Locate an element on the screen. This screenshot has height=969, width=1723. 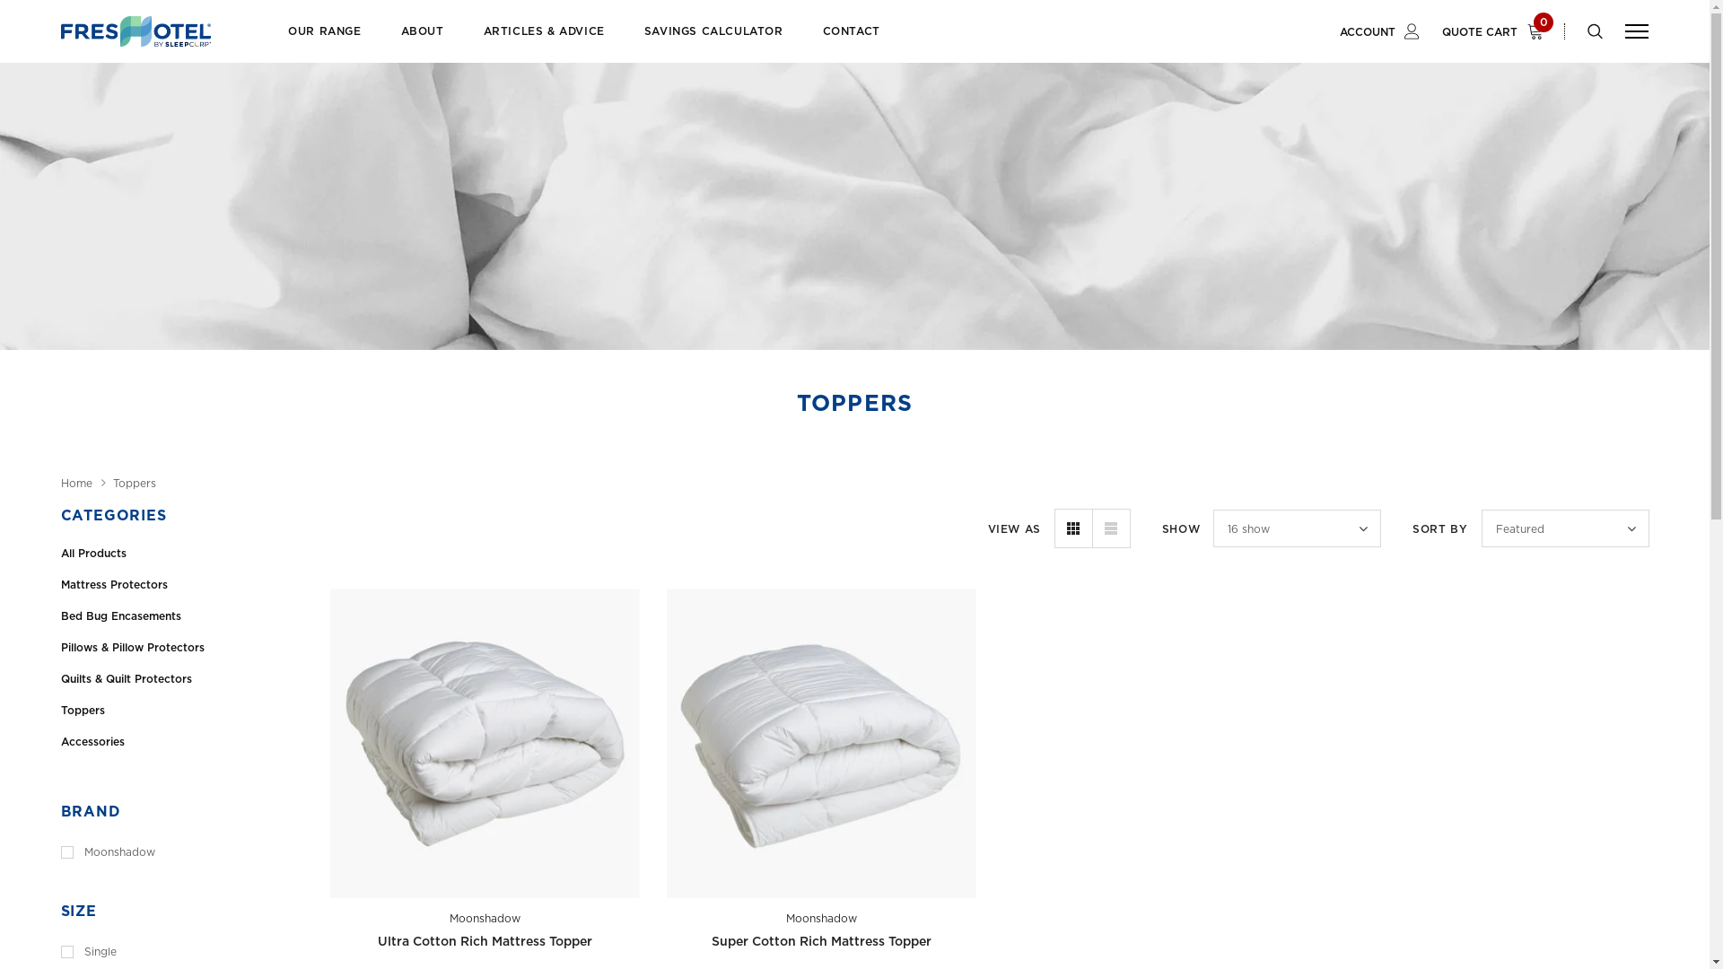
'Mattress Protectors' is located at coordinates (60, 584).